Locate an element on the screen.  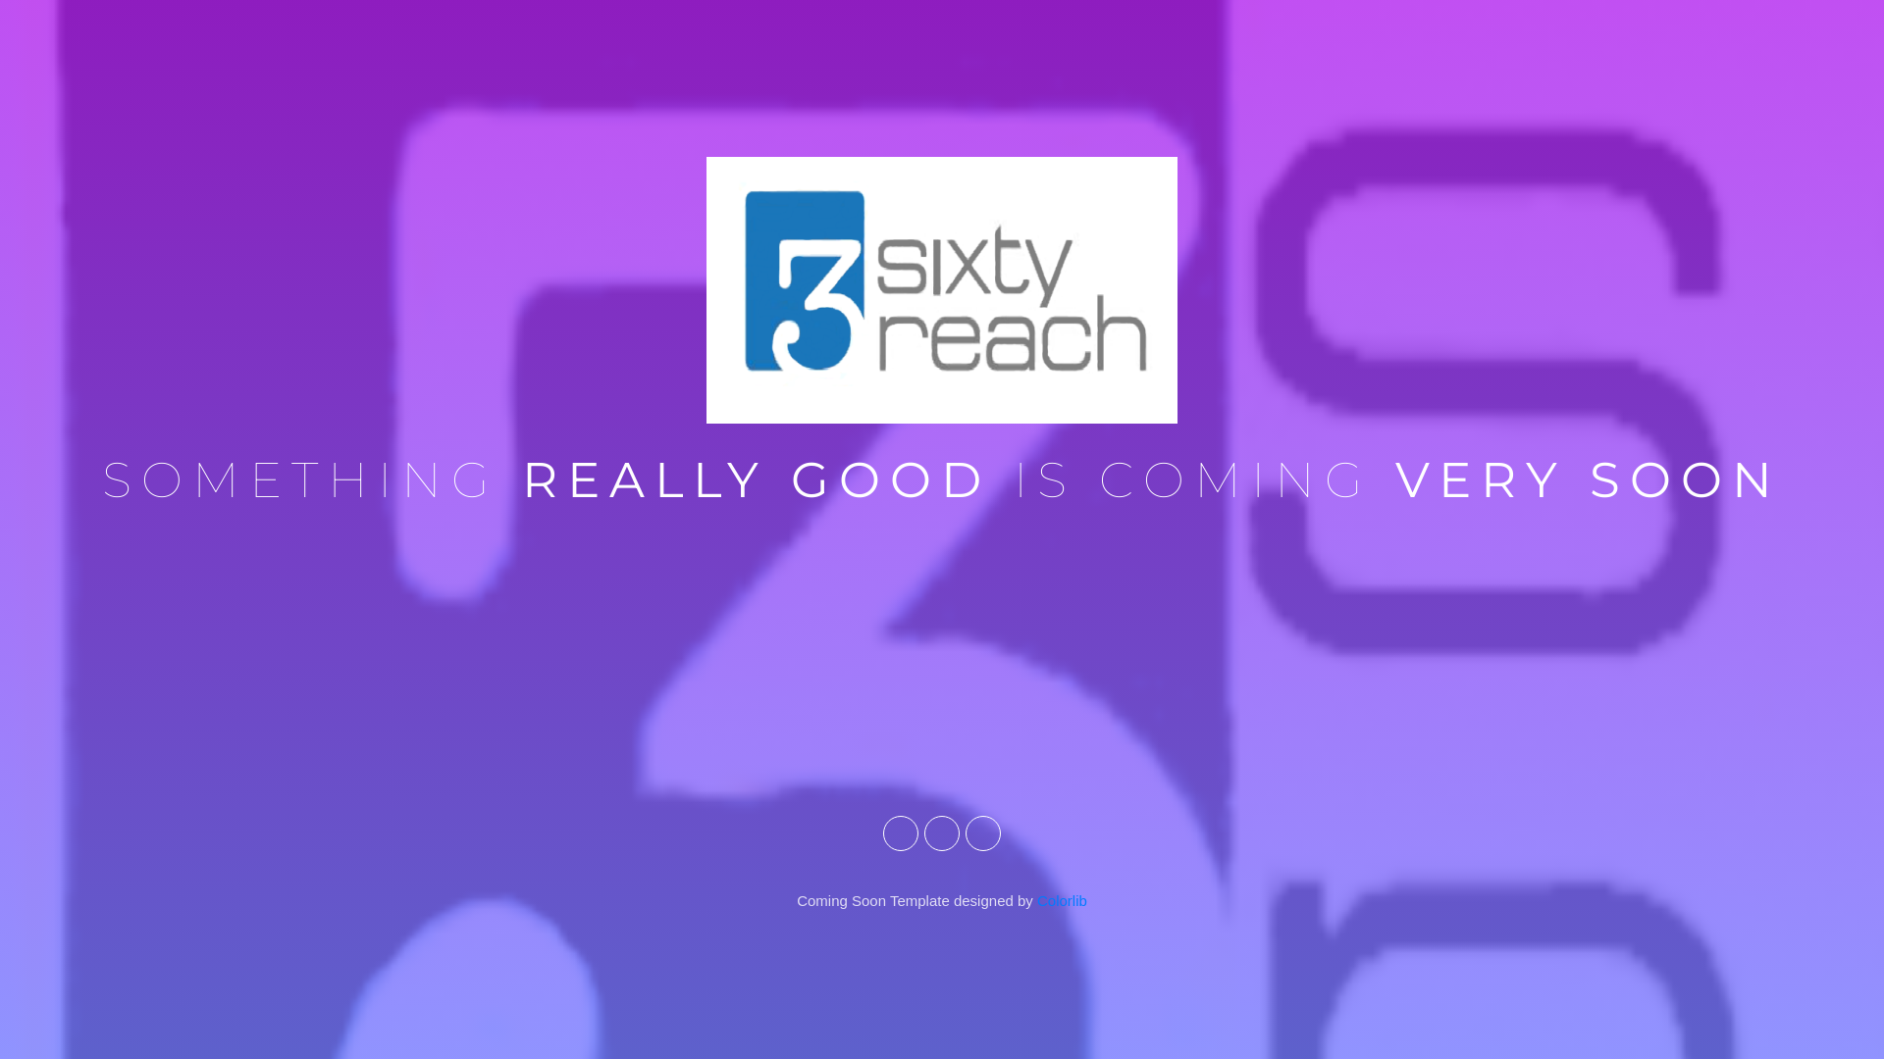
'Colorlib' is located at coordinates (1061, 900).